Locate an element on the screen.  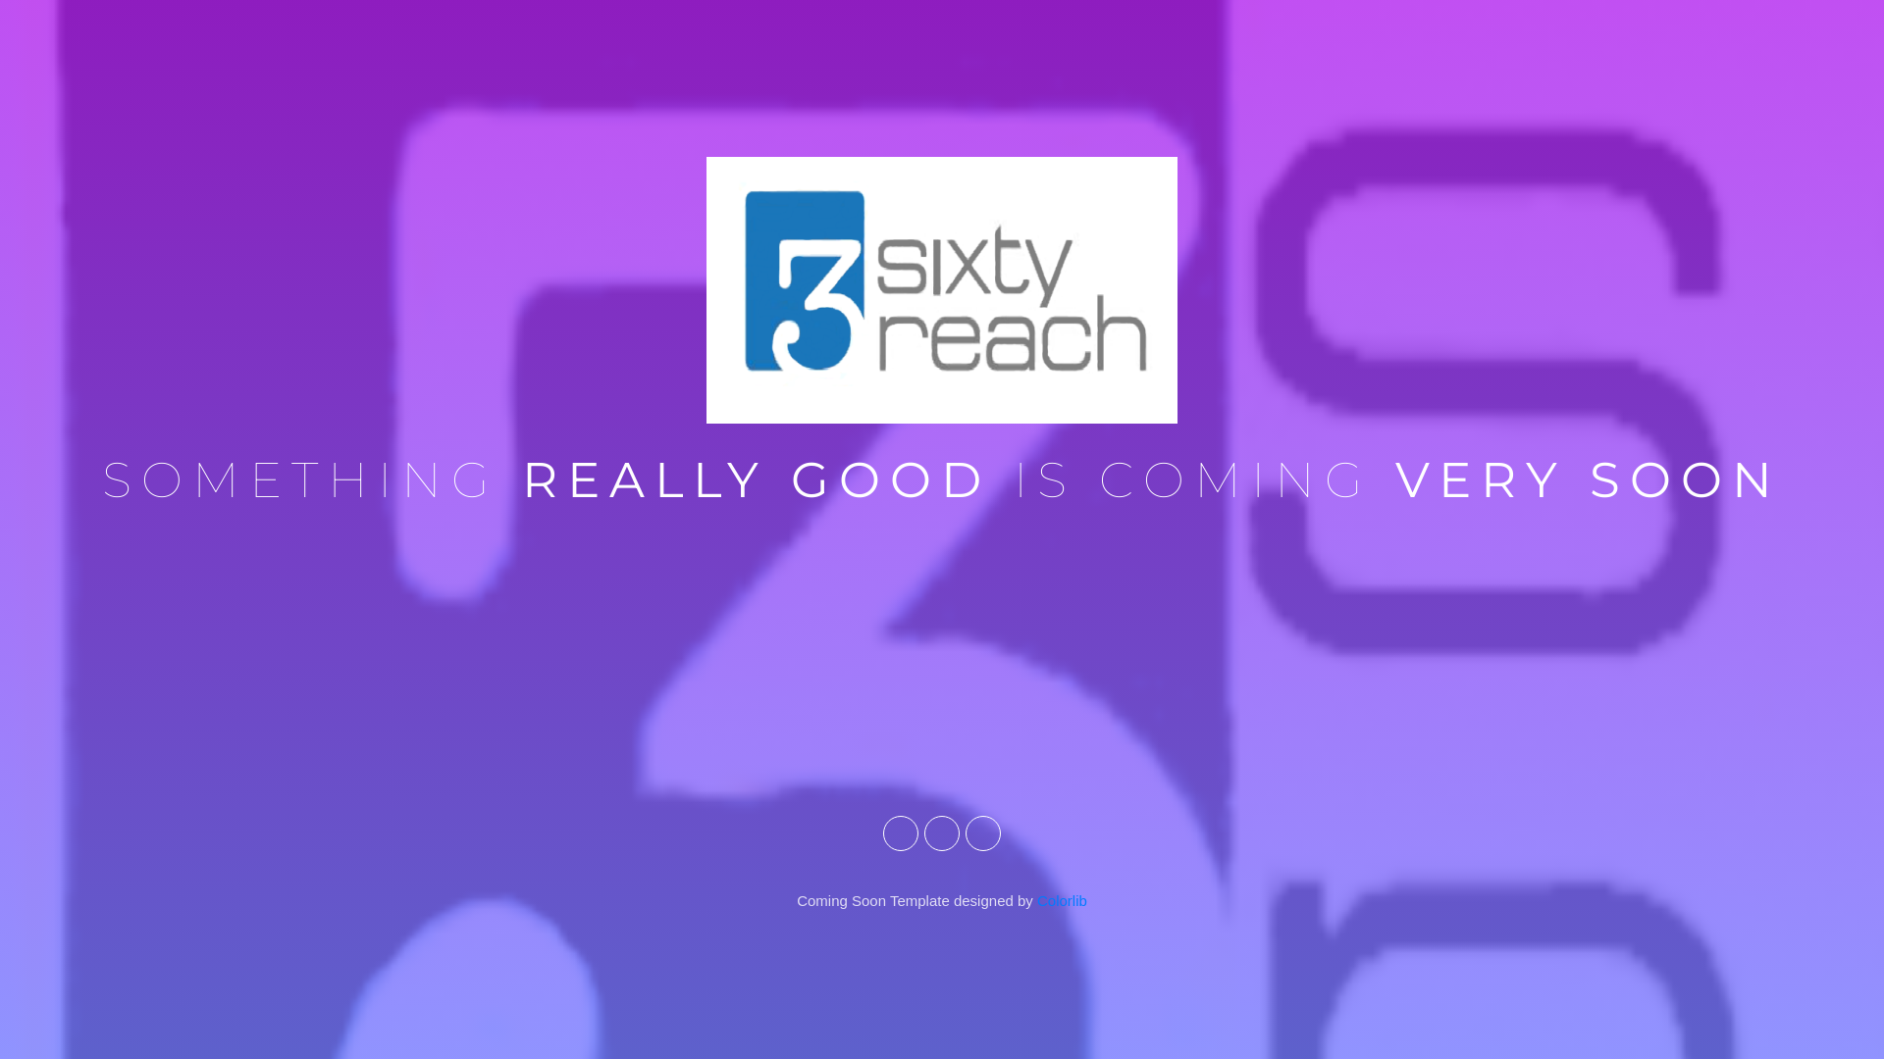
'Colorlib' is located at coordinates (1061, 900).